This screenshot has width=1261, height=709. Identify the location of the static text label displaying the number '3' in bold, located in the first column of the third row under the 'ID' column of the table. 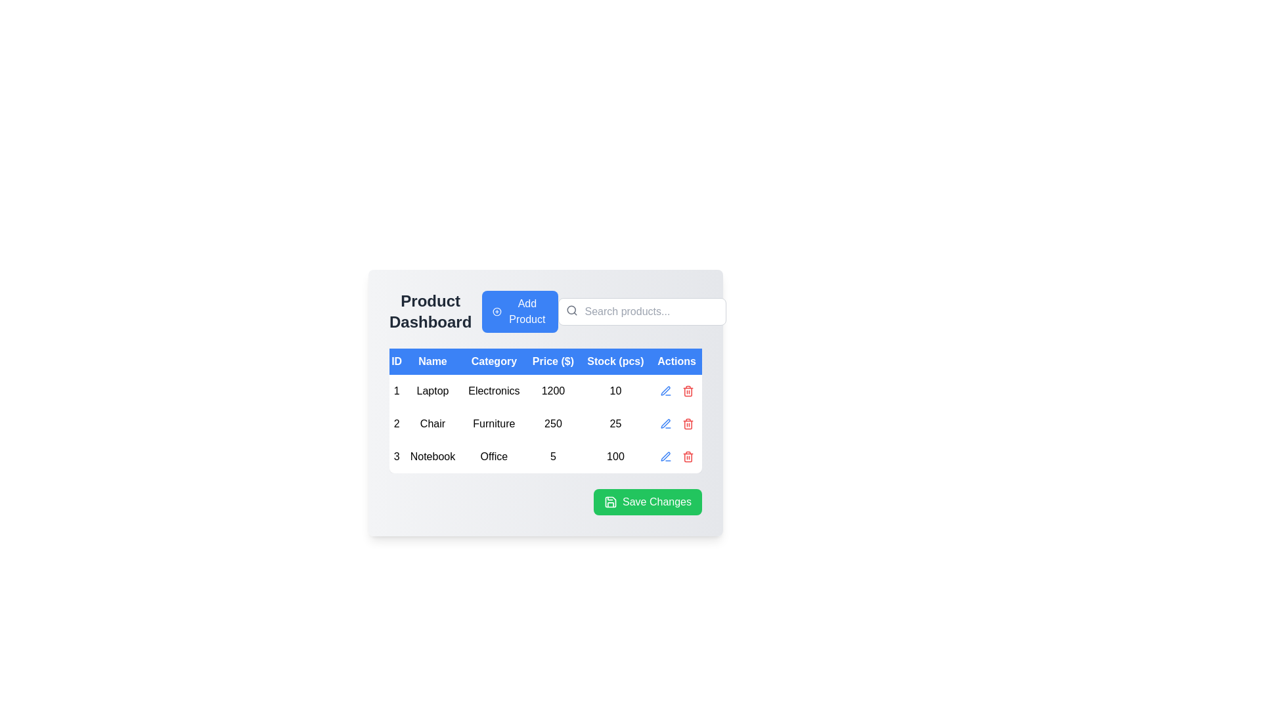
(396, 456).